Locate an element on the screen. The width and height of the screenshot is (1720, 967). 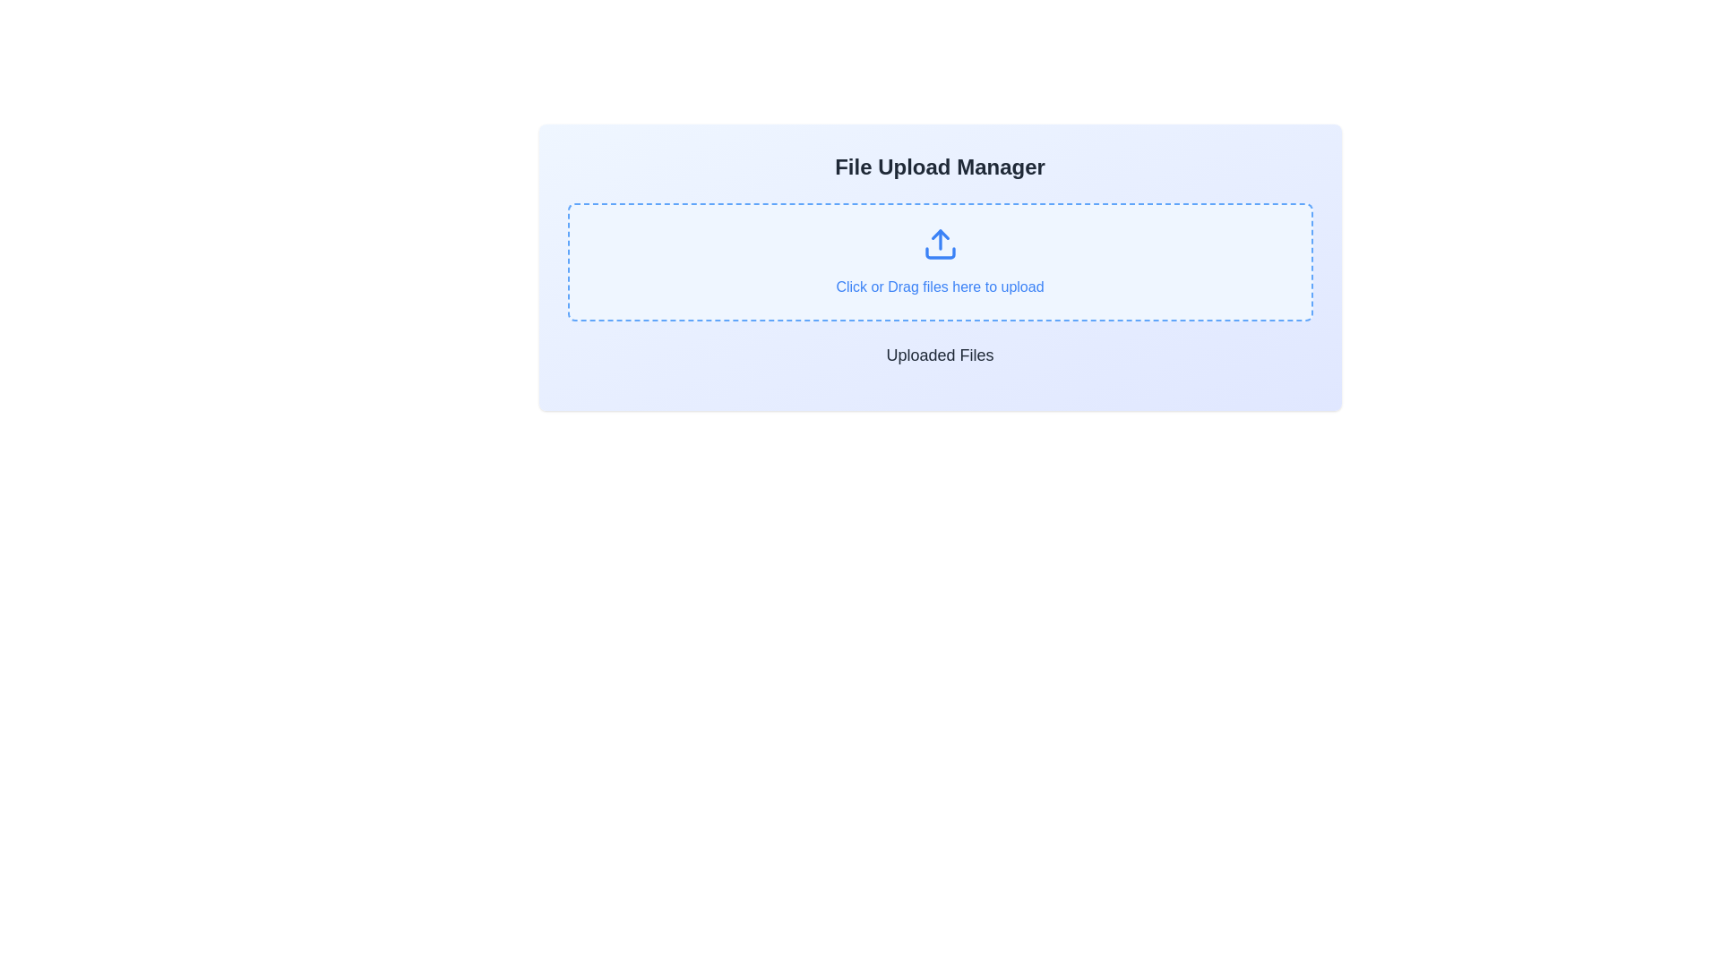
the interactive file upload zone with light blue background and dashed borders, labeled 'Click or Drag files here to upload' is located at coordinates (939, 262).